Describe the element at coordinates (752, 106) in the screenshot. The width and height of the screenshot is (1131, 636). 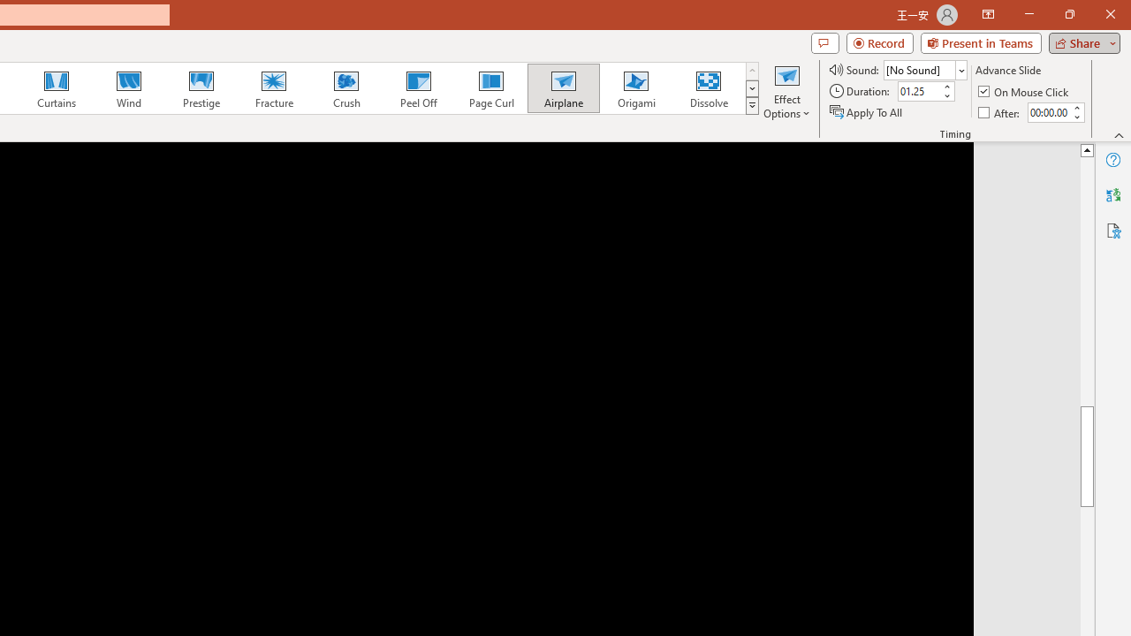
I see `'Transition Effects'` at that location.